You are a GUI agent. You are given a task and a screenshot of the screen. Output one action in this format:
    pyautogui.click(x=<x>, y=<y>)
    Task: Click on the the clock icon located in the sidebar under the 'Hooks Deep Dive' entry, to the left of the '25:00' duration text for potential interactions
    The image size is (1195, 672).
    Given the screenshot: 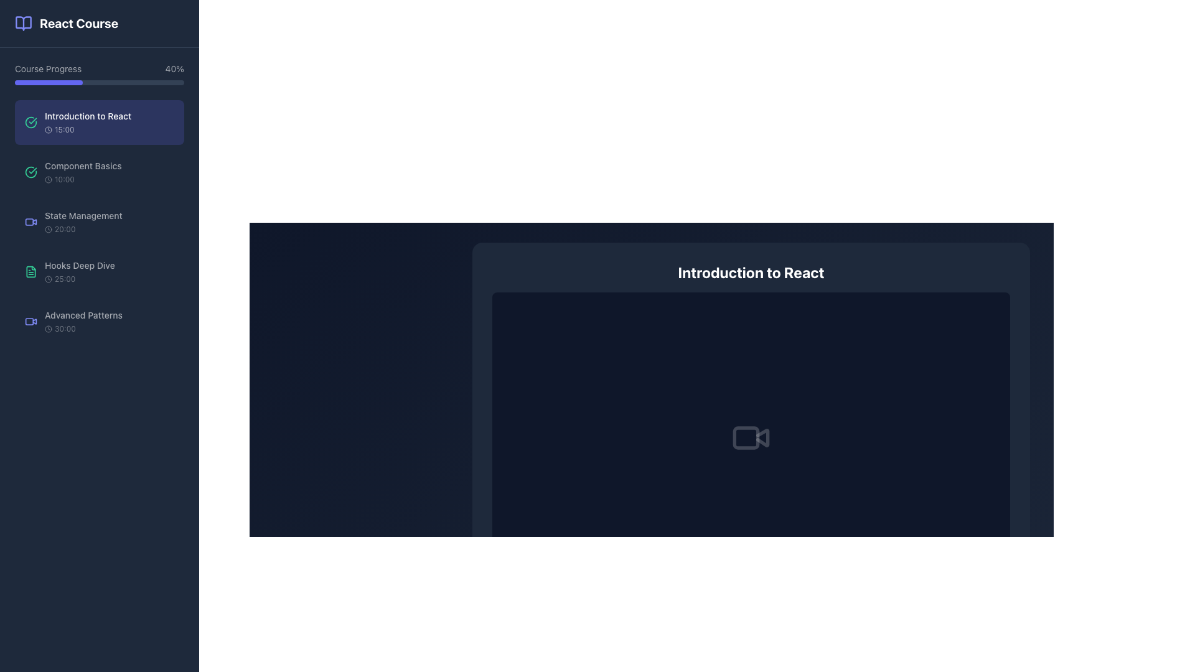 What is the action you would take?
    pyautogui.click(x=48, y=278)
    